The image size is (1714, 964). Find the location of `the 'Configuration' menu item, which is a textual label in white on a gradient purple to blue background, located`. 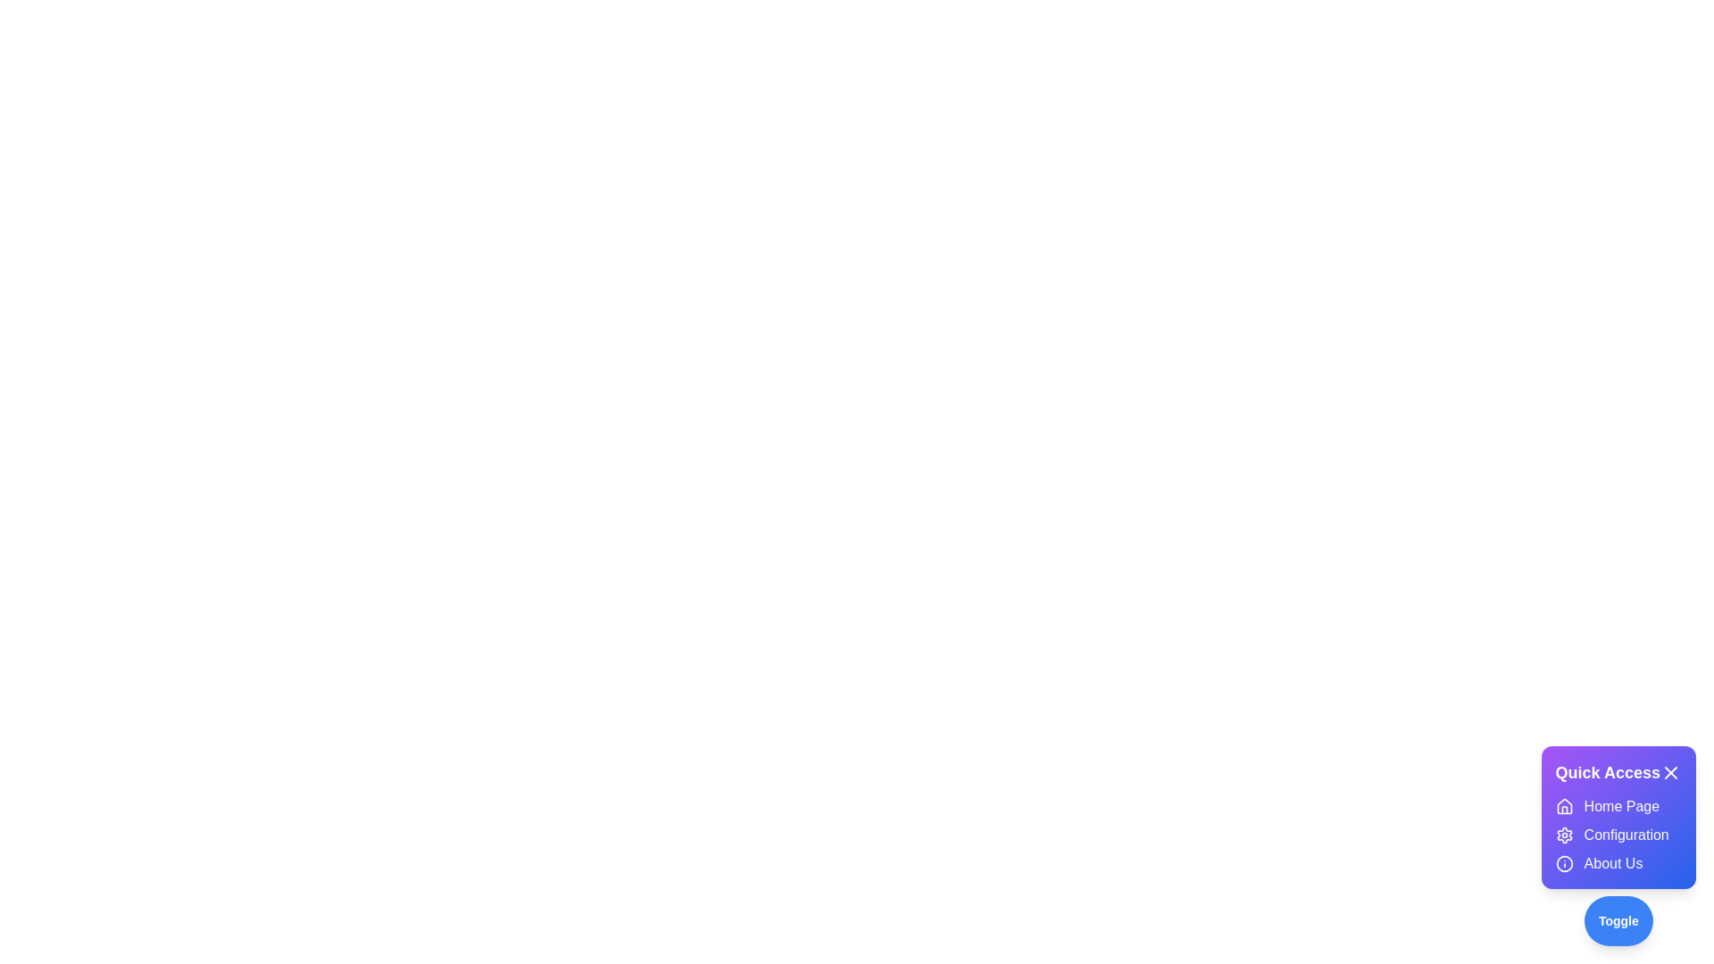

the 'Configuration' menu item, which is a textual label in white on a gradient purple to blue background, located is located at coordinates (1618, 835).